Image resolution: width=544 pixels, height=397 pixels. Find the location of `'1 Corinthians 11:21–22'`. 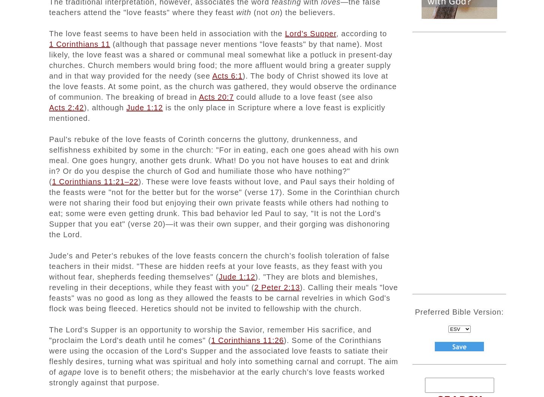

'1 Corinthians 11:21–22' is located at coordinates (94, 181).